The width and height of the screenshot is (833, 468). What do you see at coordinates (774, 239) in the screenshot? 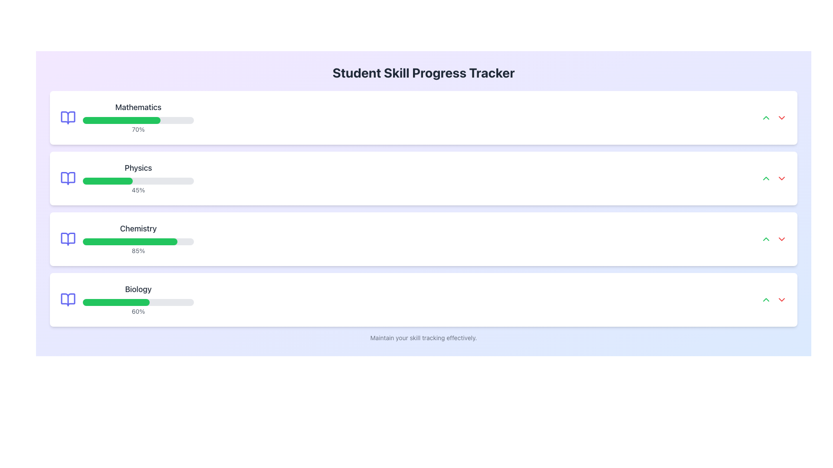
I see `the green upward arrow icon within the Chemistry section to increase or navigate upwards` at bounding box center [774, 239].